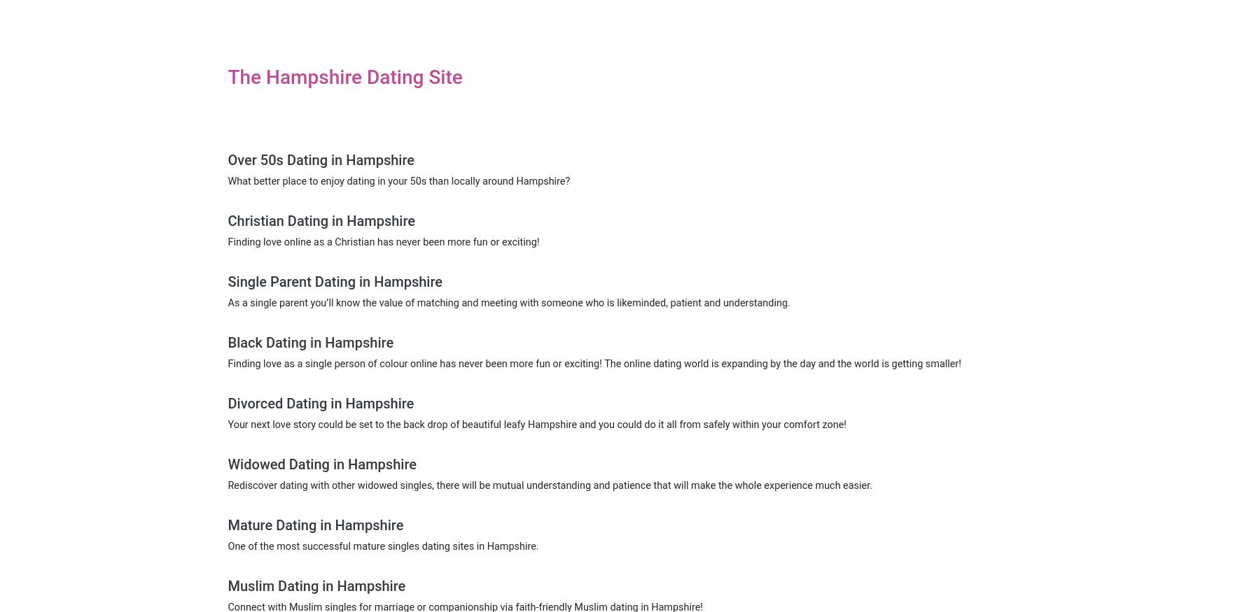  I want to click on 'Widowed Dating in Hampshire', so click(321, 464).